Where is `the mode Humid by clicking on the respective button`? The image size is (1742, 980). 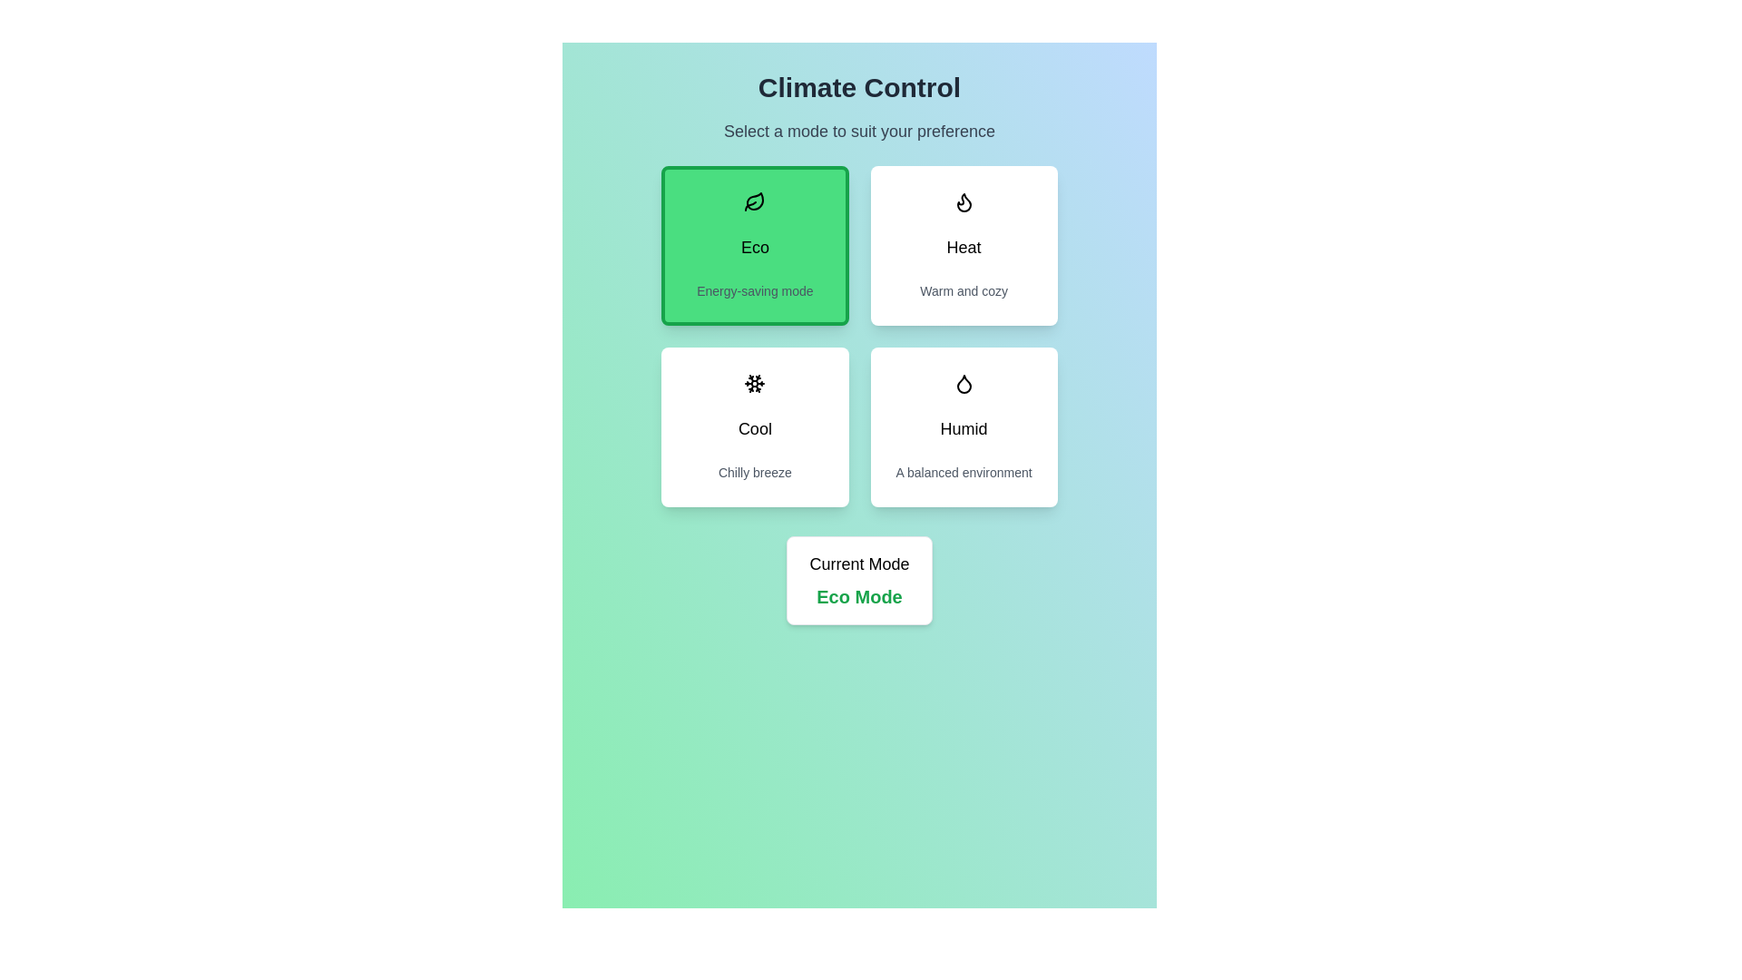
the mode Humid by clicking on the respective button is located at coordinates (963, 426).